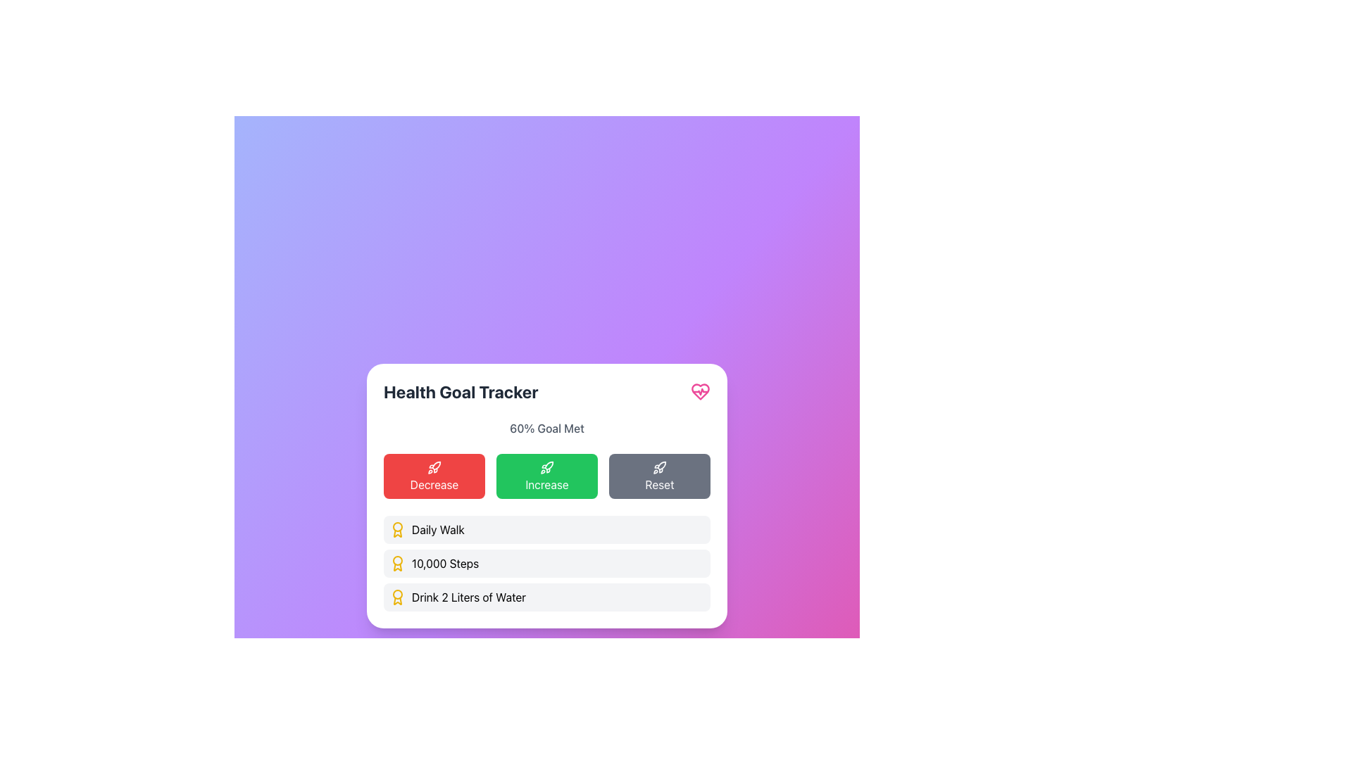  Describe the element at coordinates (434, 467) in the screenshot. I see `the rocket icon embedded within the red 'Decrease' button located at the leftmost position of the action buttons, which is below the text '60% Goal Met'` at that location.